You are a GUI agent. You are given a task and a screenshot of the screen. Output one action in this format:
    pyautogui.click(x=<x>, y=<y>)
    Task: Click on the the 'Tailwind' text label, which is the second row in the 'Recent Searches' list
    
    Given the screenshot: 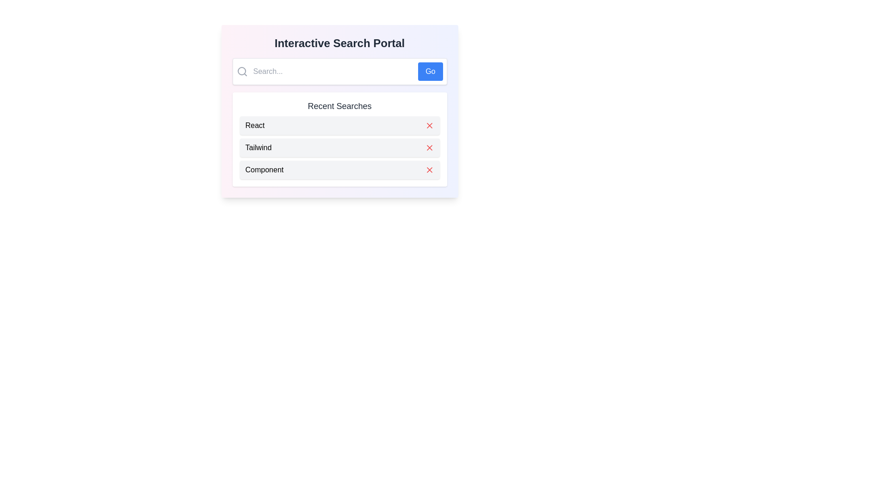 What is the action you would take?
    pyautogui.click(x=258, y=147)
    